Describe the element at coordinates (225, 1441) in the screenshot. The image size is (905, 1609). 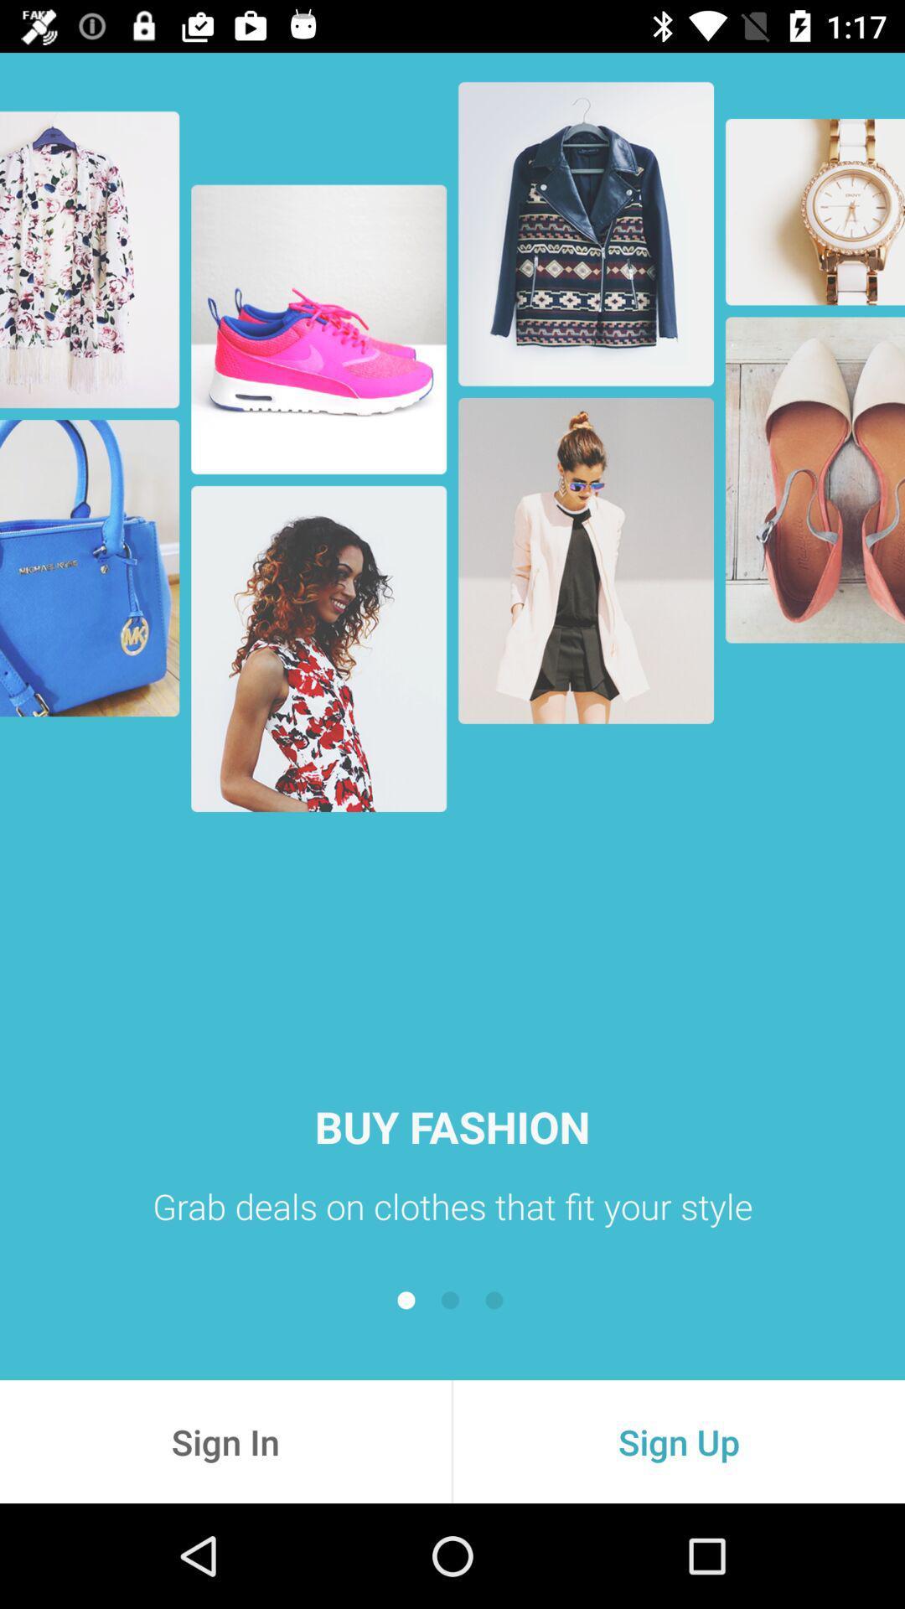
I see `the item to the left of the sign up item` at that location.